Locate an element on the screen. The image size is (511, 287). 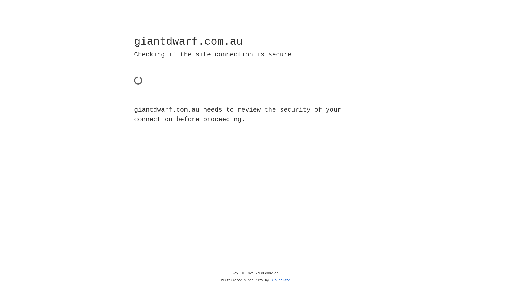
'Cloudflare' is located at coordinates (280, 280).